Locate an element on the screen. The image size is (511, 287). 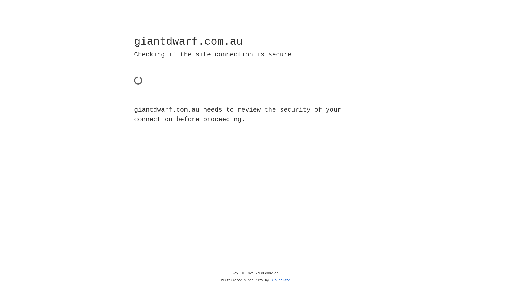
'Cloudflare' is located at coordinates (280, 280).